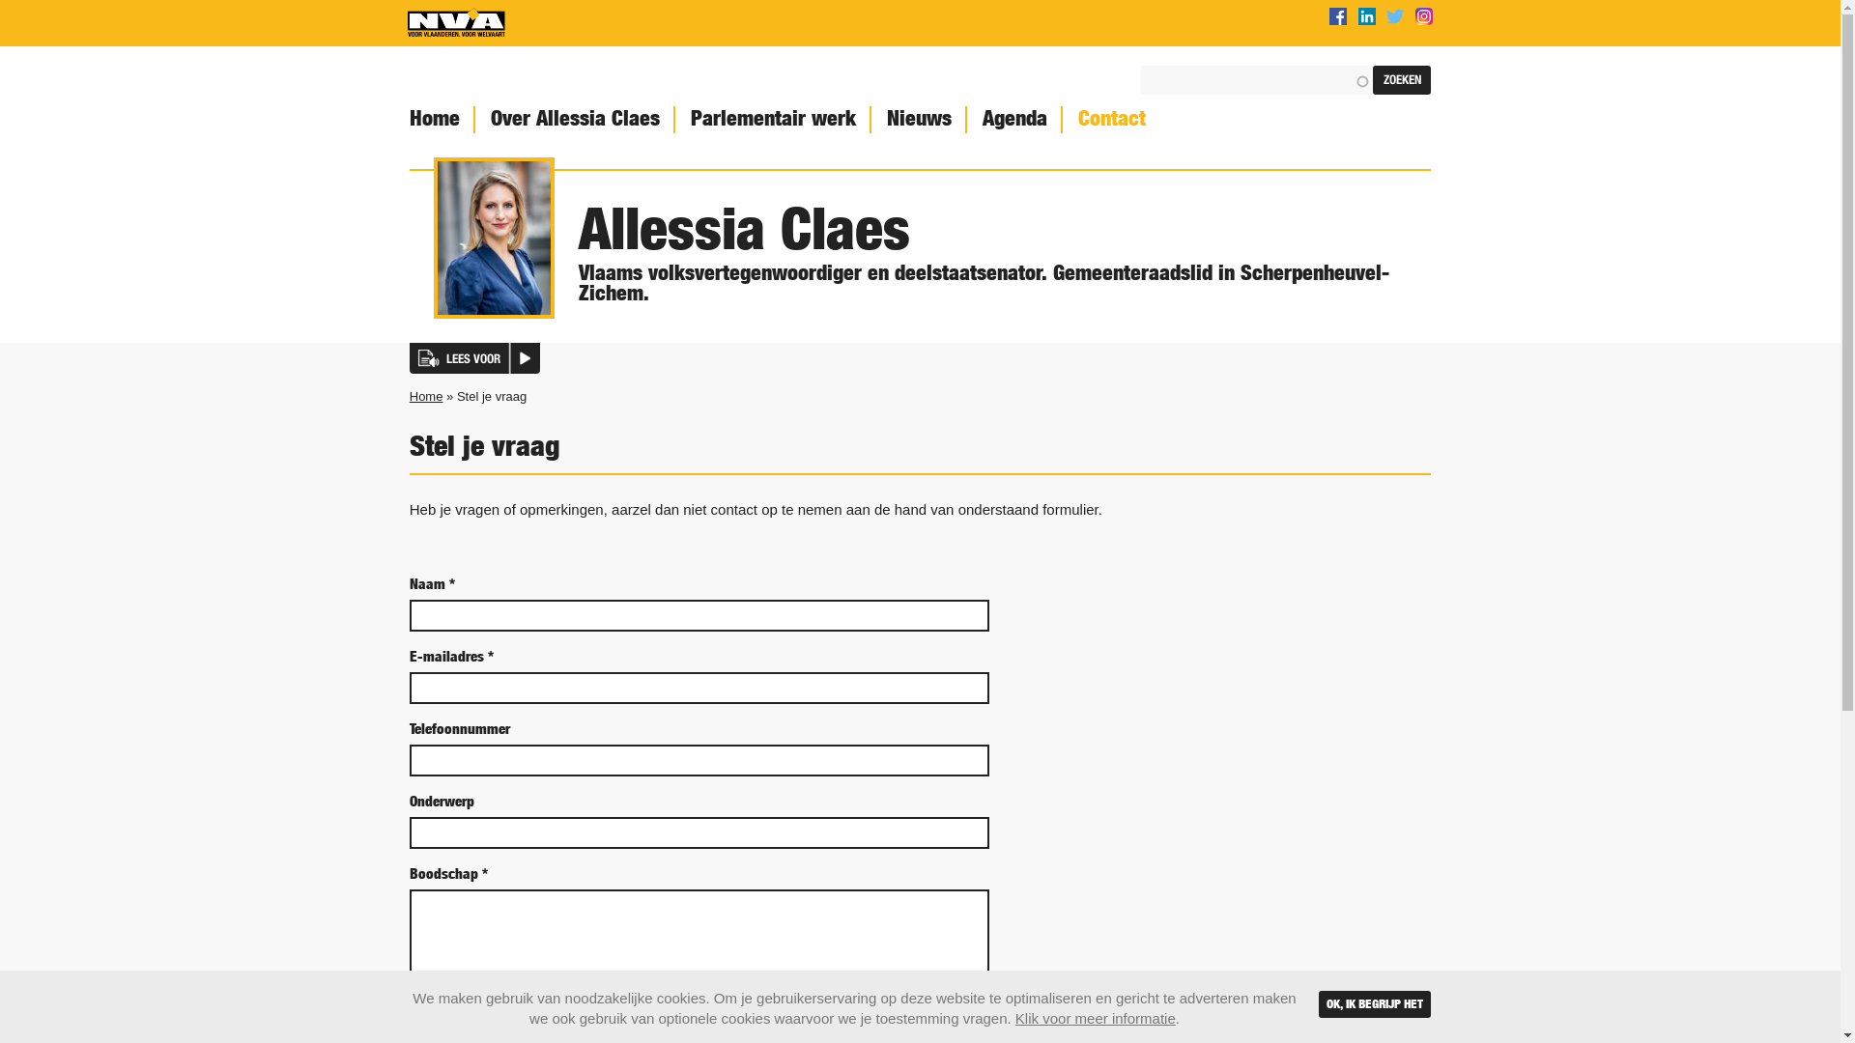 Image resolution: width=1855 pixels, height=1043 pixels. What do you see at coordinates (1256, 79) in the screenshot?
I see `'Geef de woorden op waarnaar u wilt zoeken.'` at bounding box center [1256, 79].